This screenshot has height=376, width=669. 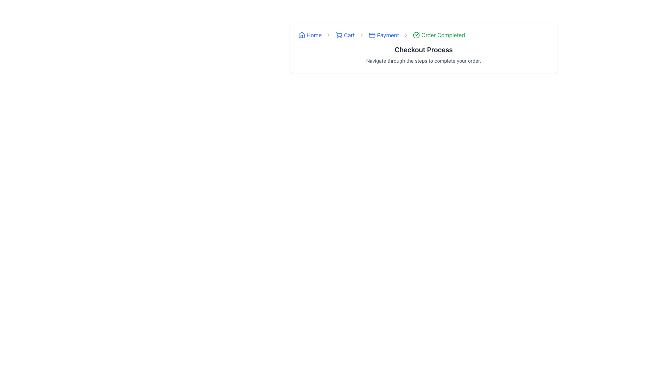 What do you see at coordinates (423, 49) in the screenshot?
I see `the 'Checkout Process' textual header styled with a large font size and bold weight, located at the top center of its card-like section` at bounding box center [423, 49].